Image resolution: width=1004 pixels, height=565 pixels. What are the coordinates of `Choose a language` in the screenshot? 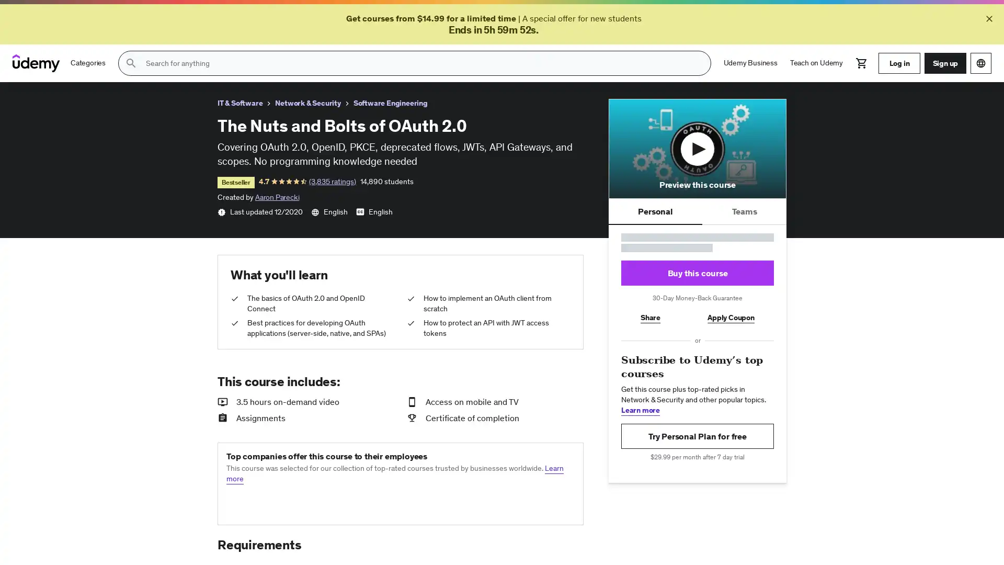 It's located at (980, 63).